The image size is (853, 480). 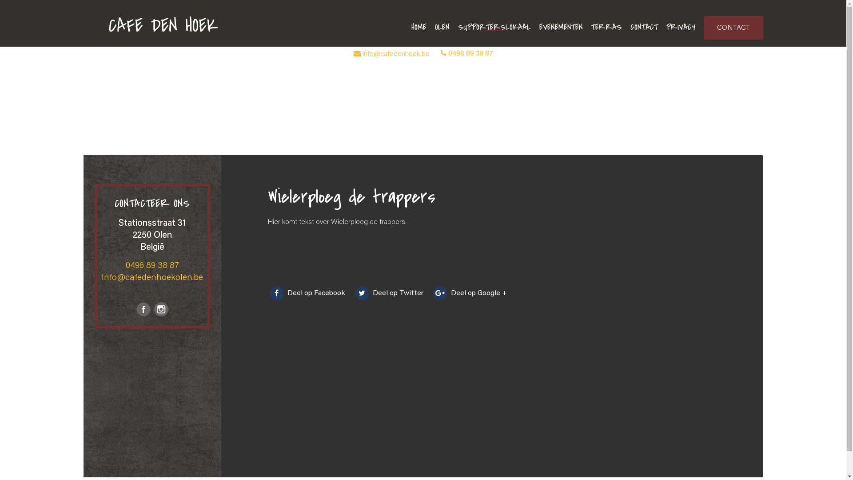 What do you see at coordinates (703, 27) in the screenshot?
I see `'CONTACT'` at bounding box center [703, 27].